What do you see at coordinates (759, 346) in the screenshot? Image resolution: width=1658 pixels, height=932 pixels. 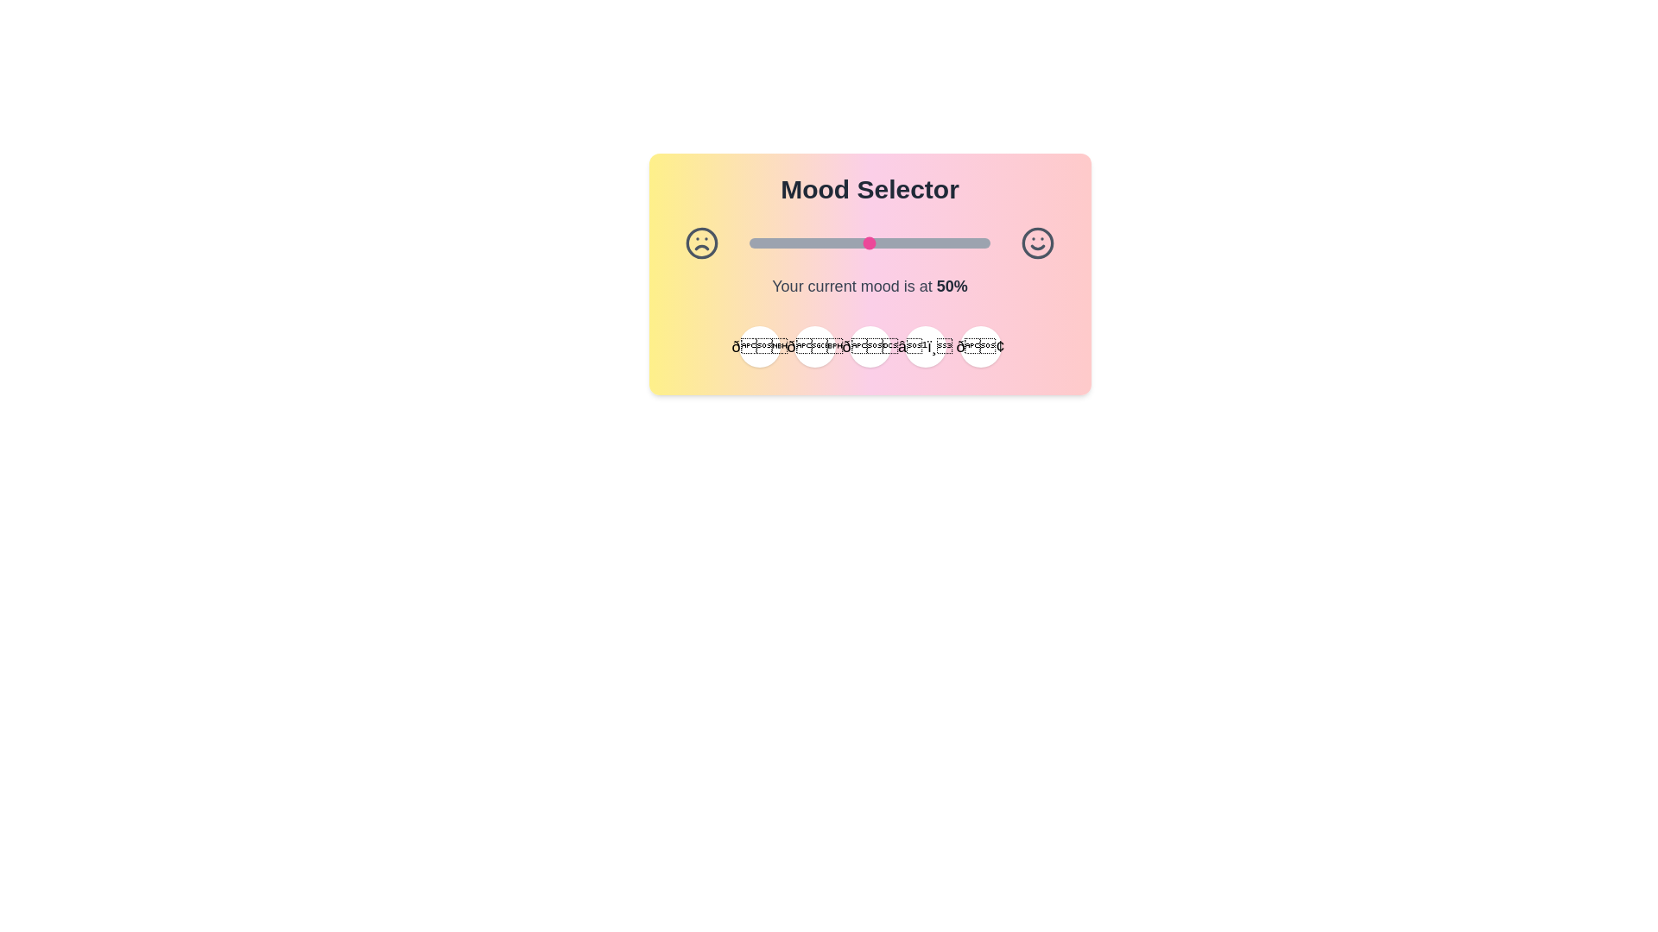 I see `the emoji button corresponding to 😀` at bounding box center [759, 346].